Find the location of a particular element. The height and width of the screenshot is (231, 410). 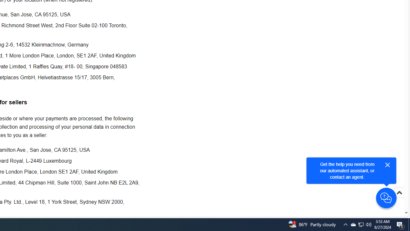

'Scroll to top' is located at coordinates (399, 199).